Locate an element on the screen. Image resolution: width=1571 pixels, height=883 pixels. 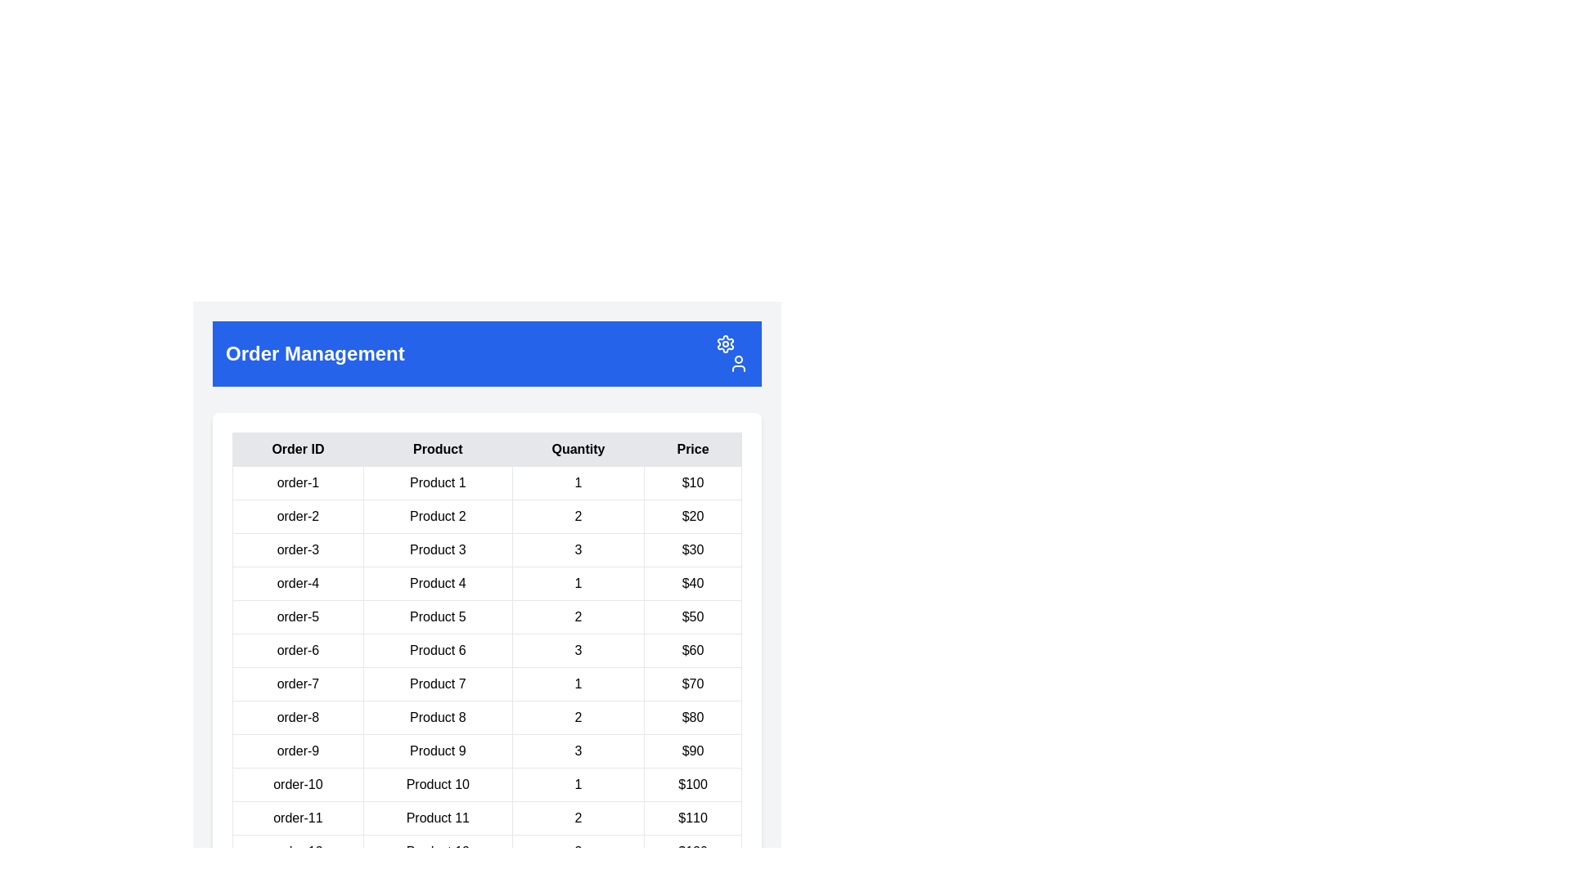
value of the Text label that represents the cost associated with 'order-11' in the 'Price' column of the table is located at coordinates (693, 818).